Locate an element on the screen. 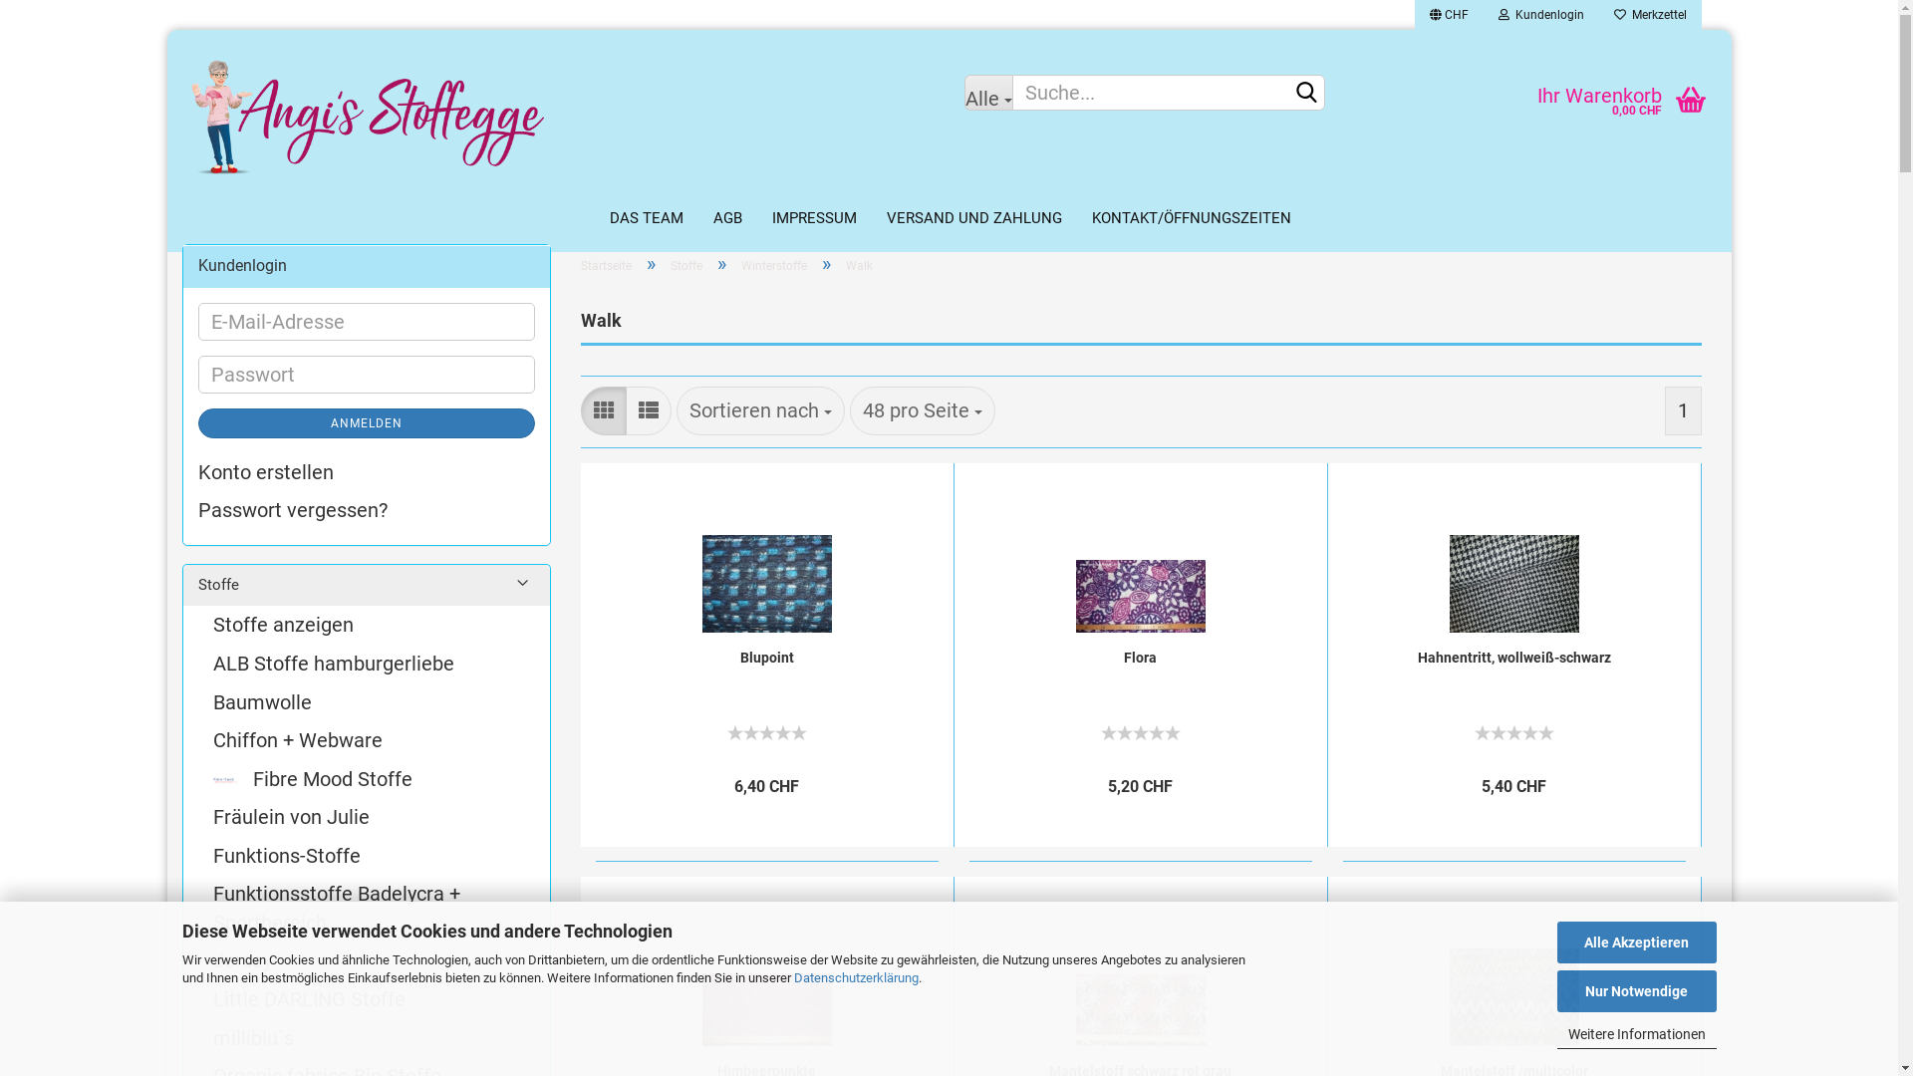 This screenshot has width=1913, height=1076. 'Konto erstellen' is located at coordinates (365, 472).